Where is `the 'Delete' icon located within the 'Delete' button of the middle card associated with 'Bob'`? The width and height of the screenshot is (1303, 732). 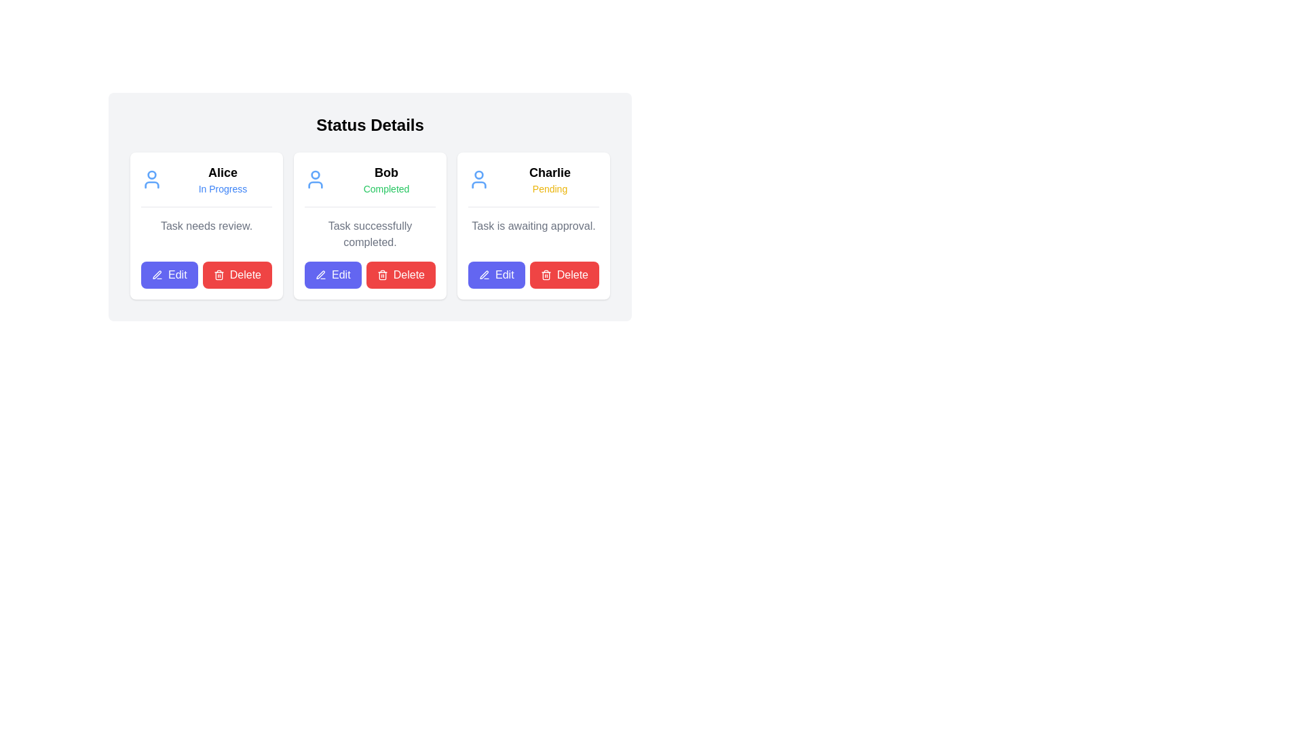 the 'Delete' icon located within the 'Delete' button of the middle card associated with 'Bob' is located at coordinates (219, 274).